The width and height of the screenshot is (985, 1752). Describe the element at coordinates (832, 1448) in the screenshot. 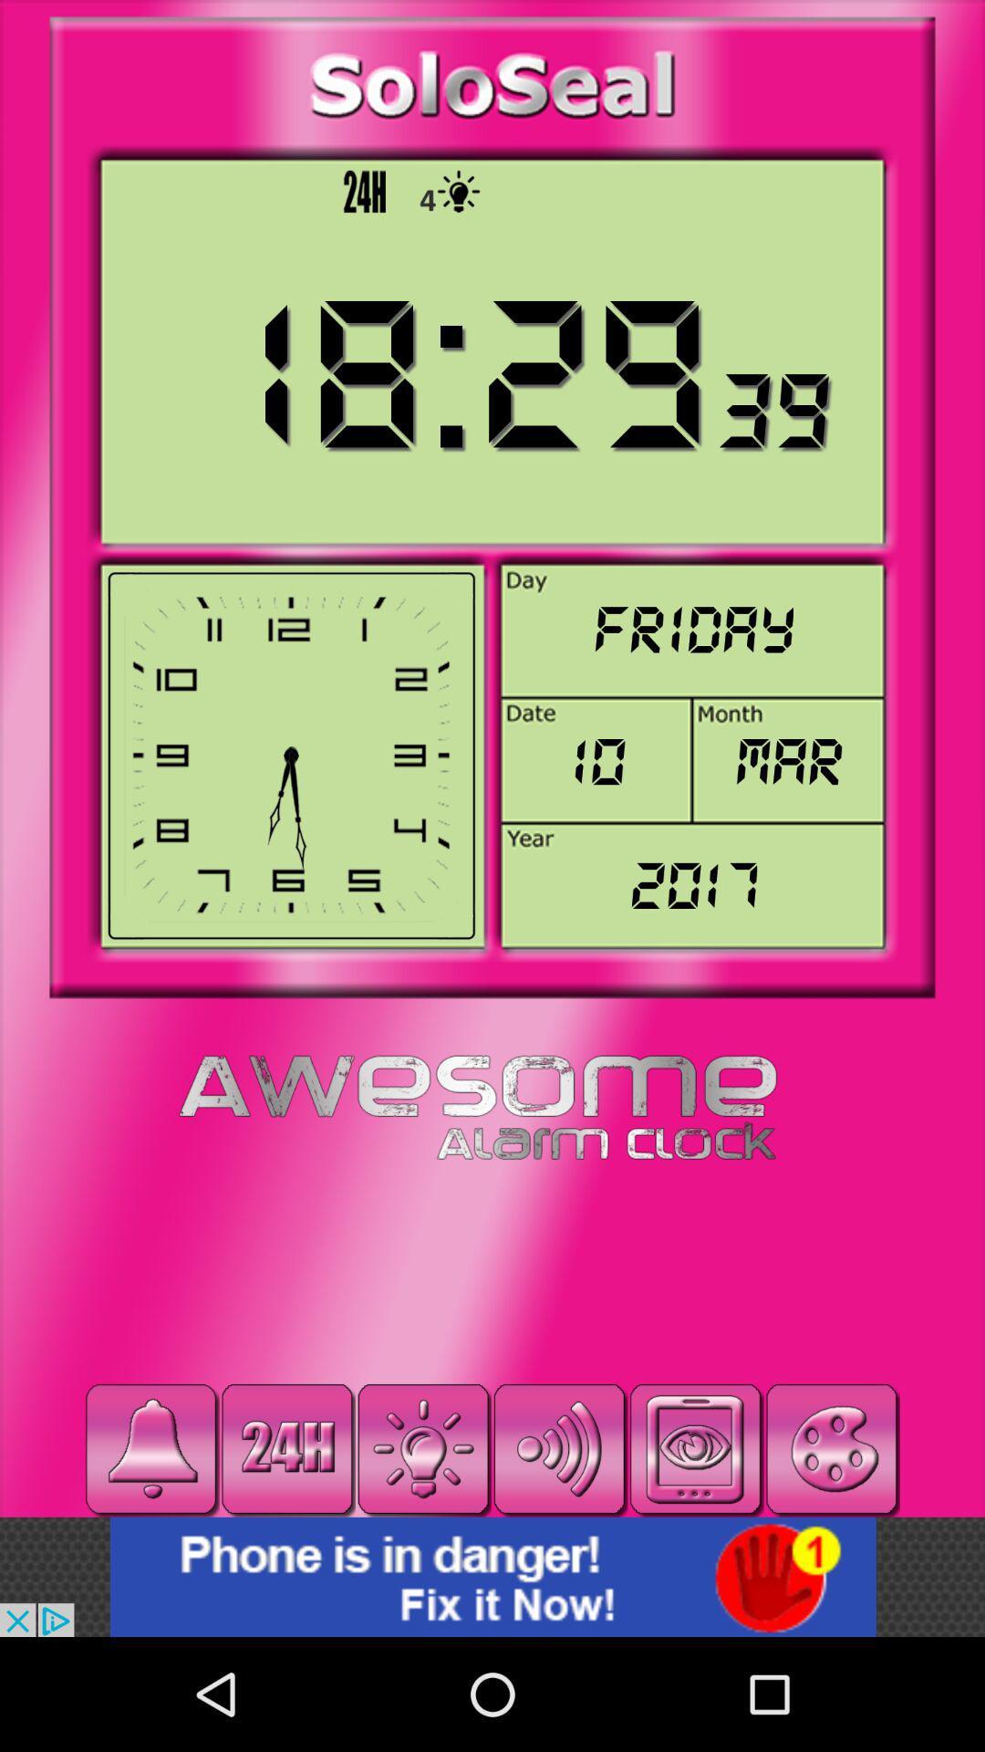

I see `colors` at that location.